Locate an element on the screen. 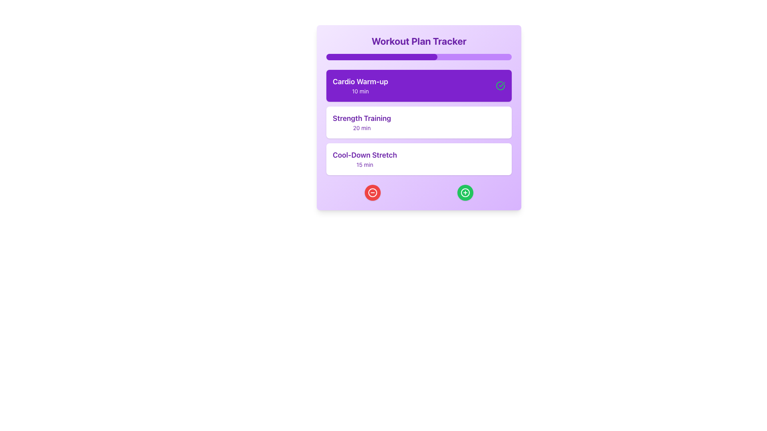 The height and width of the screenshot is (431, 767). the text label that displays the duration of the 'Strength Training' activity, which is located directly below the 'Strength Training' label in the workout list is located at coordinates (361, 127).